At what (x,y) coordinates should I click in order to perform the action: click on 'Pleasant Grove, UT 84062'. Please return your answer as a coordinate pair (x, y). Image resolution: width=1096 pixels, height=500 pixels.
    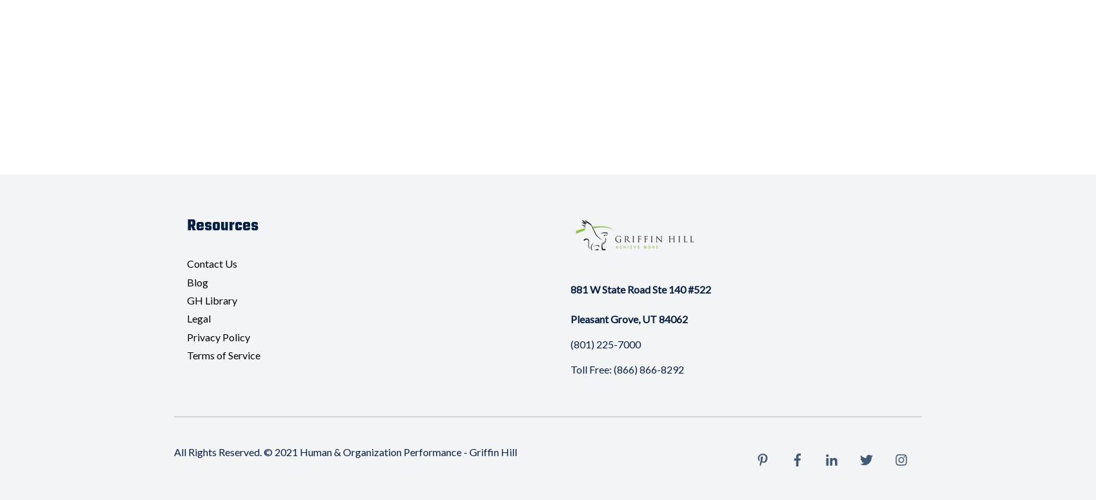
    Looking at the image, I should click on (627, 317).